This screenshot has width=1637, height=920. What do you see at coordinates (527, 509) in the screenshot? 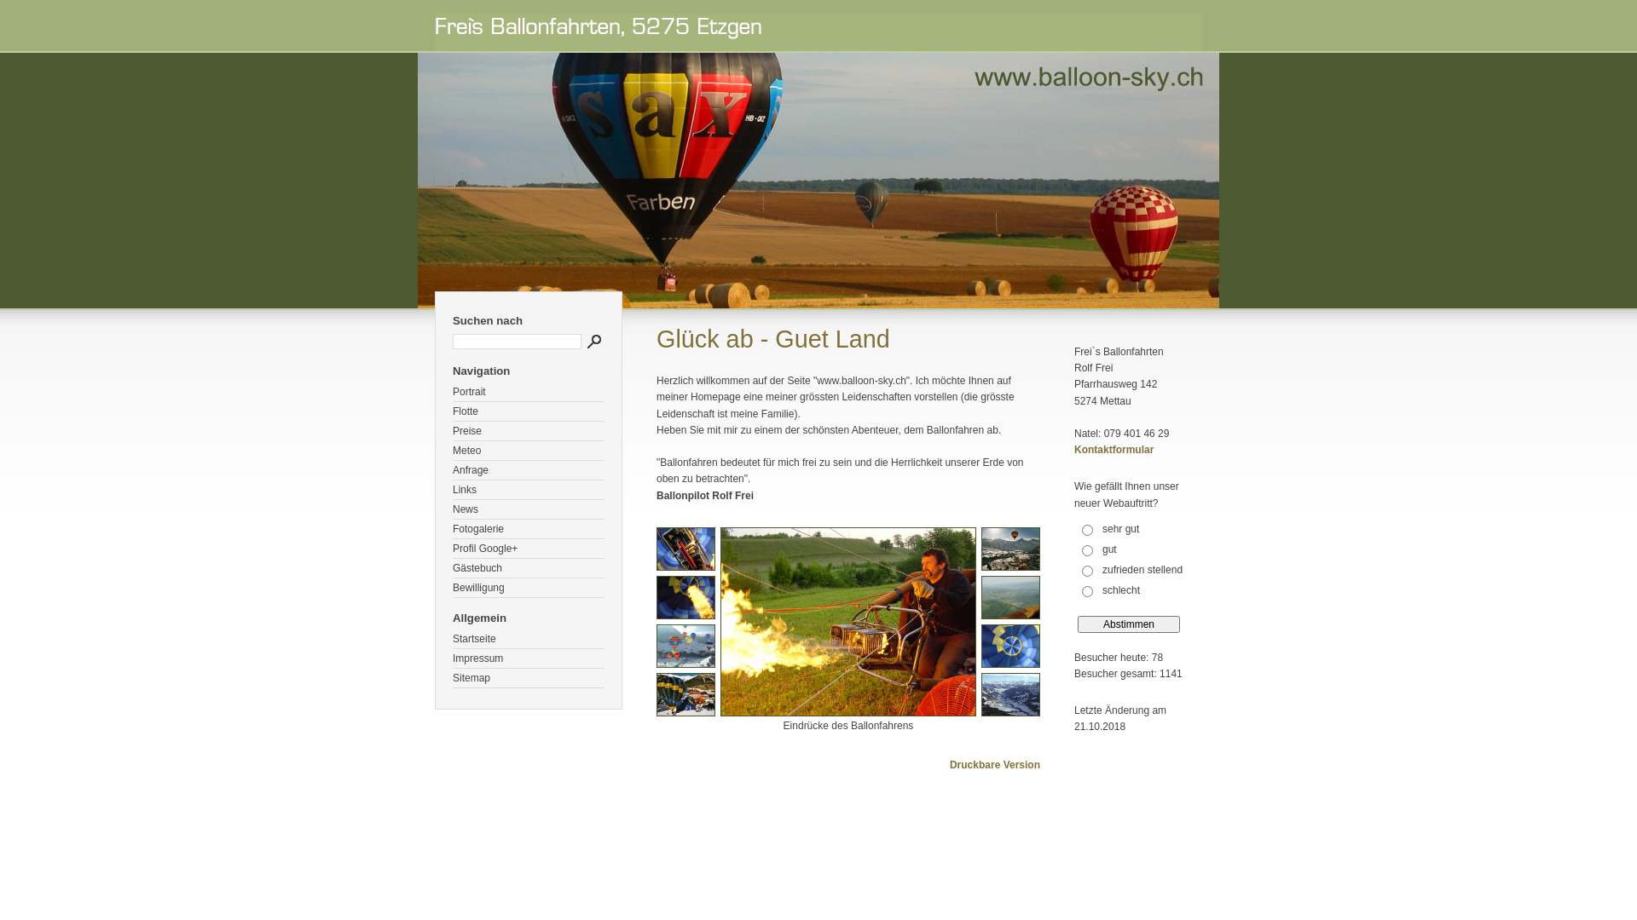
I see `'News'` at bounding box center [527, 509].